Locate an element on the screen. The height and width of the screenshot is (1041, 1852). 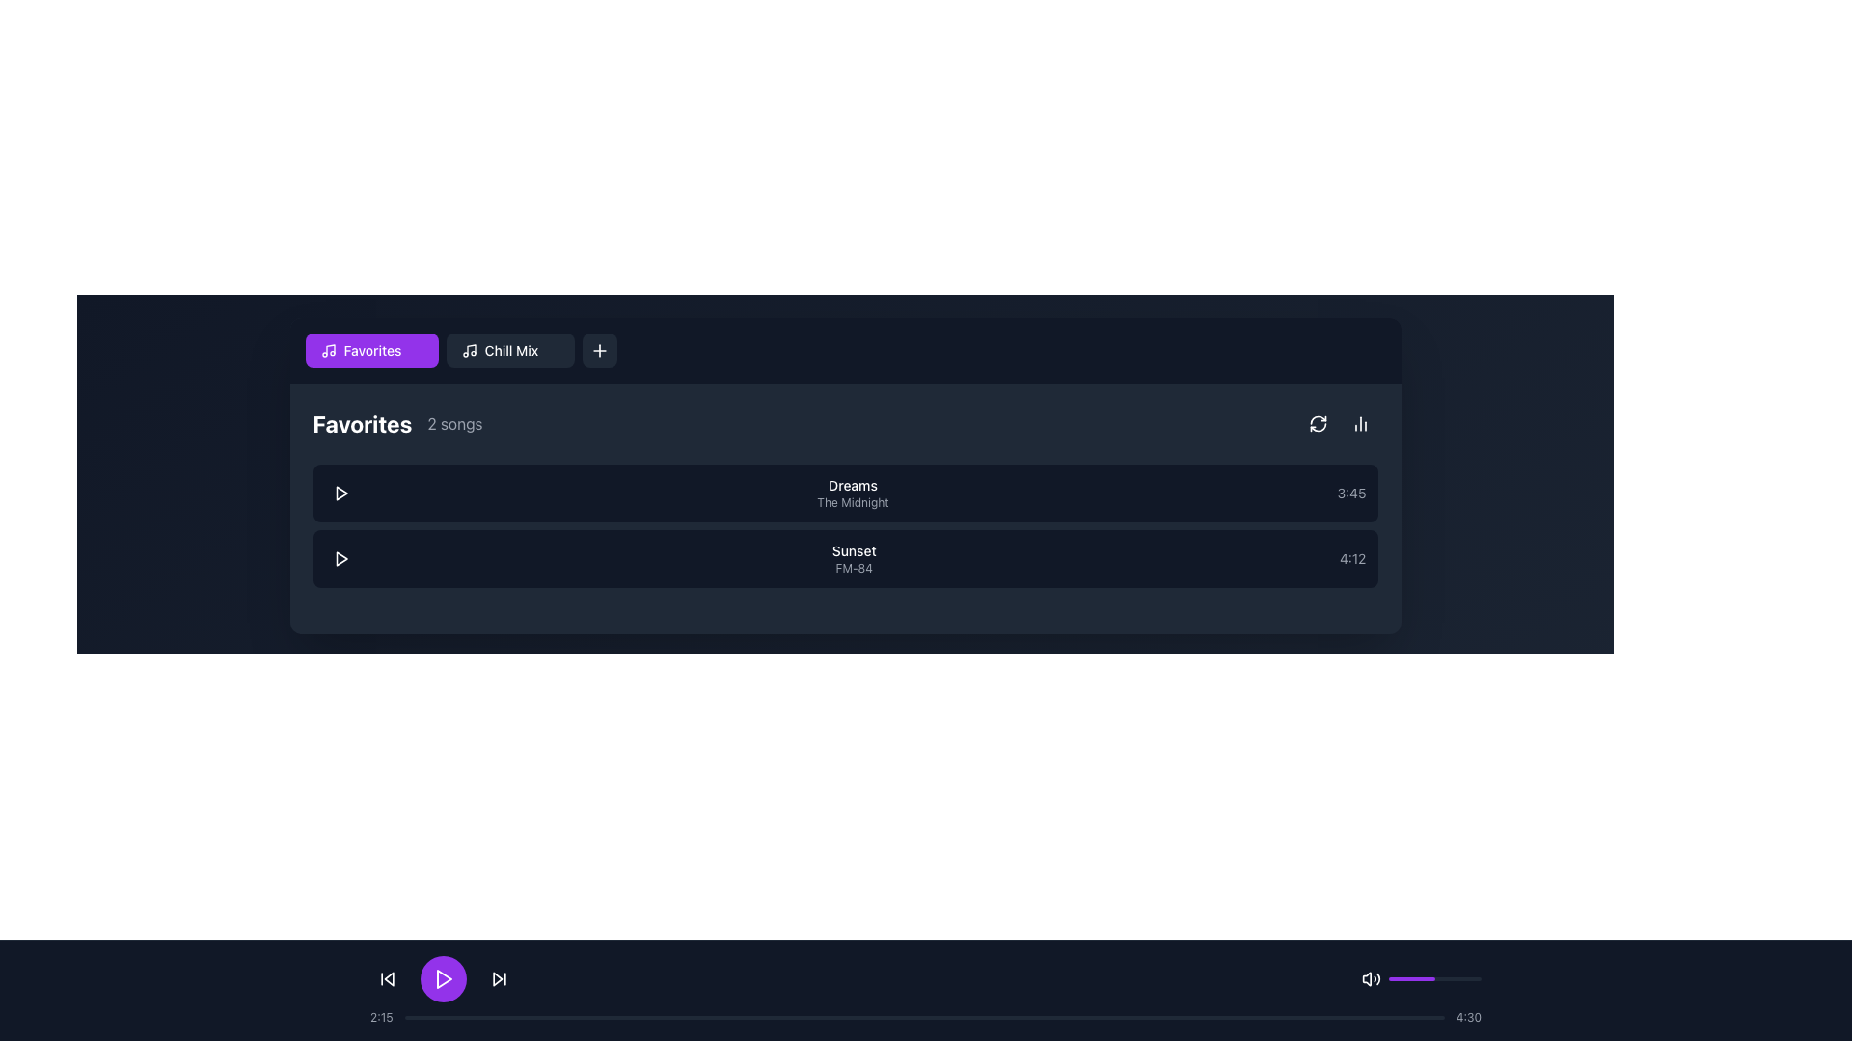
the progress bar is located at coordinates (1173, 1017).